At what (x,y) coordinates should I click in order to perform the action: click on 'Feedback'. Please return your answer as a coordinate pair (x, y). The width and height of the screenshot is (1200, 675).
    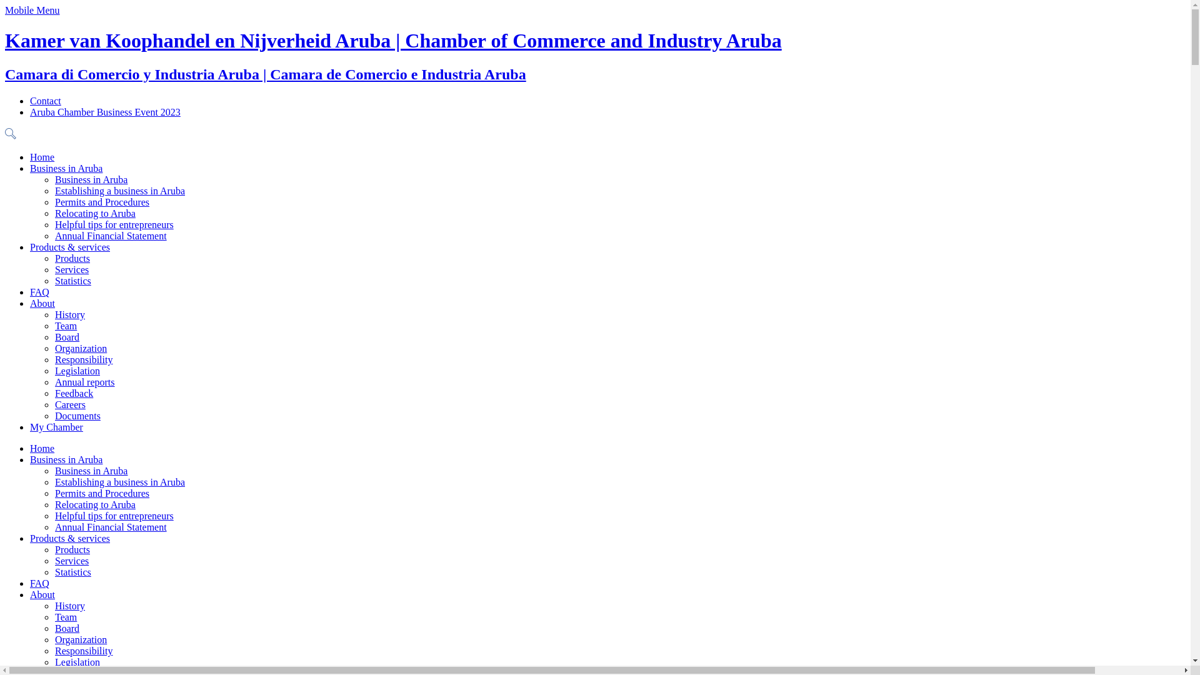
    Looking at the image, I should click on (54, 392).